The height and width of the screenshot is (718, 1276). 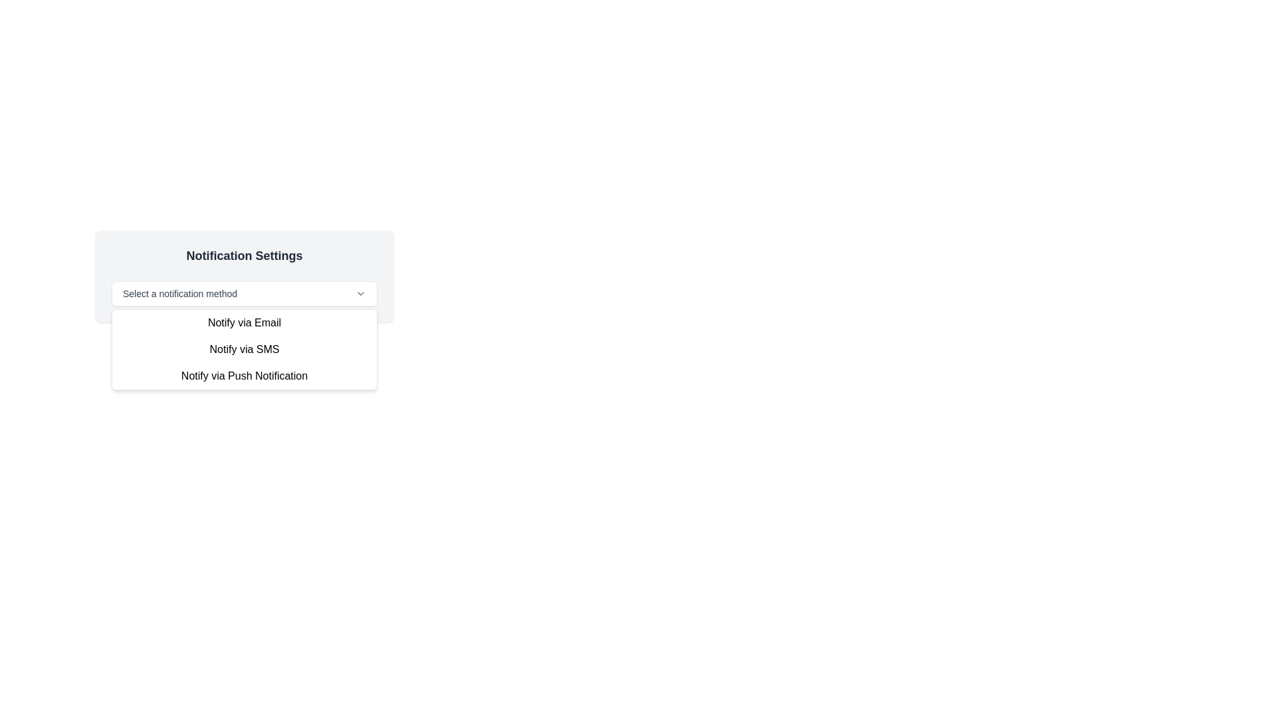 What do you see at coordinates (245, 293) in the screenshot?
I see `the dropdown menu for selecting a notification method in the 'Notification Settings' modal` at bounding box center [245, 293].